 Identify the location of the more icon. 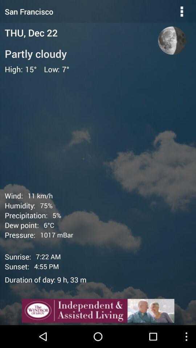
(181, 12).